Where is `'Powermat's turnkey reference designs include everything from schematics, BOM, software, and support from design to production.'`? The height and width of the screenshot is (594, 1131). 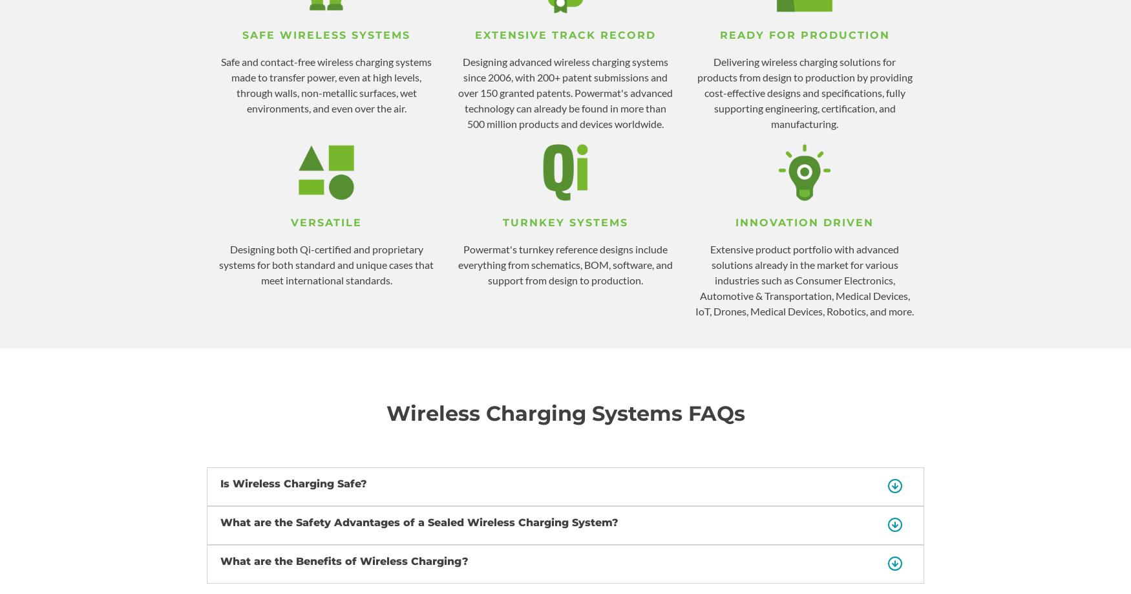 'Powermat's turnkey reference designs include everything from schematics, BOM, software, and support from design to production.' is located at coordinates (565, 264).